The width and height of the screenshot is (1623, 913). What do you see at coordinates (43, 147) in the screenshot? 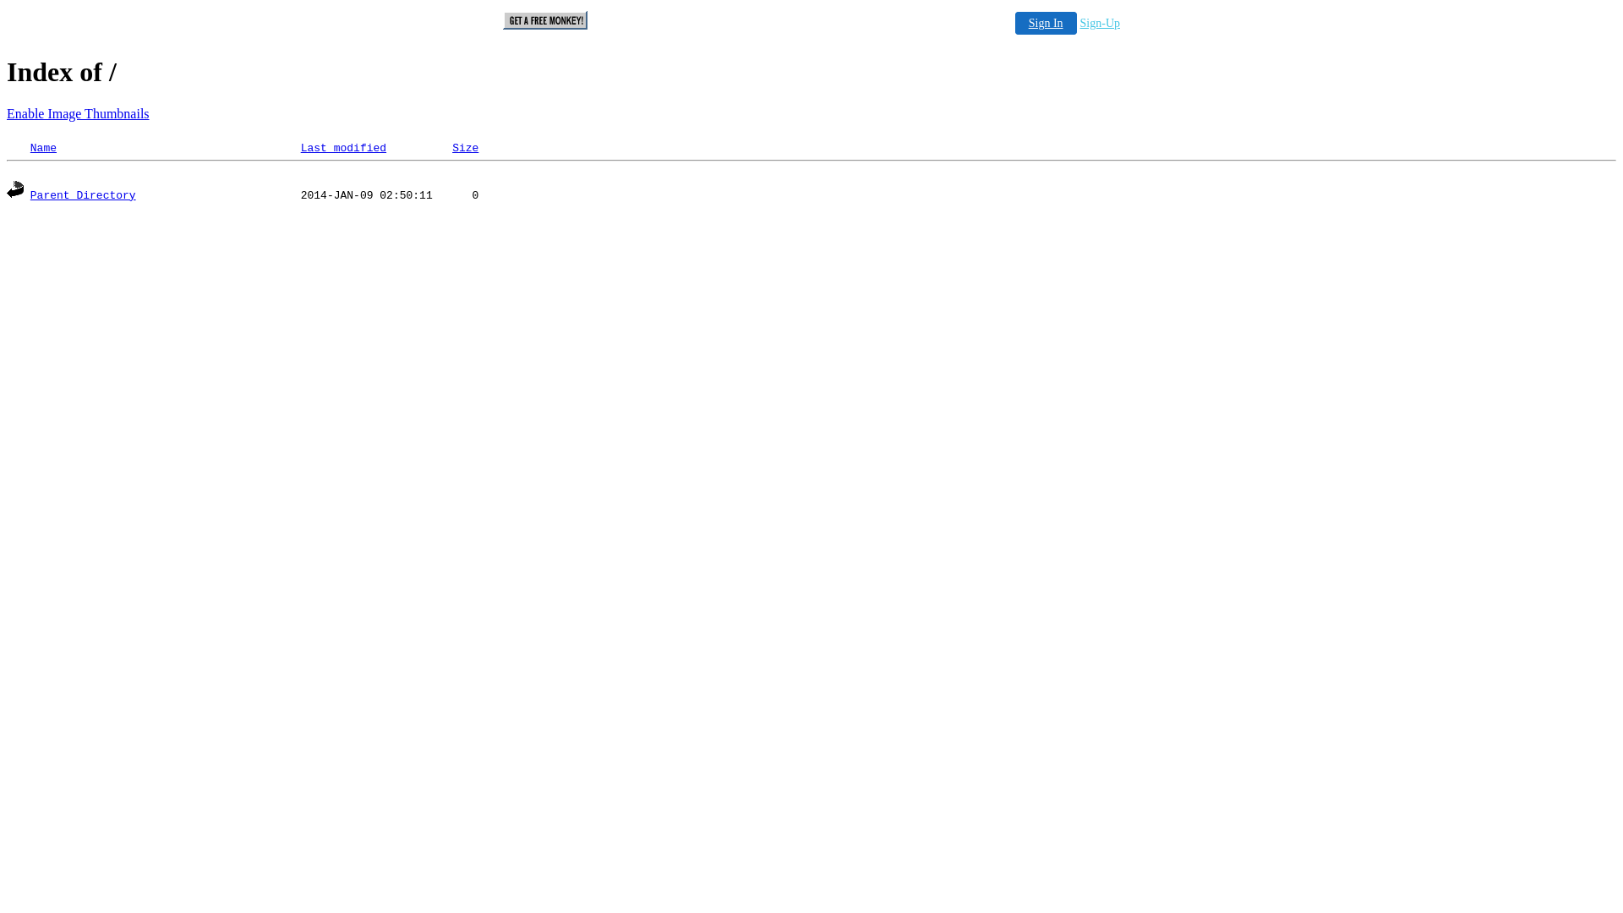
I see `'Name'` at bounding box center [43, 147].